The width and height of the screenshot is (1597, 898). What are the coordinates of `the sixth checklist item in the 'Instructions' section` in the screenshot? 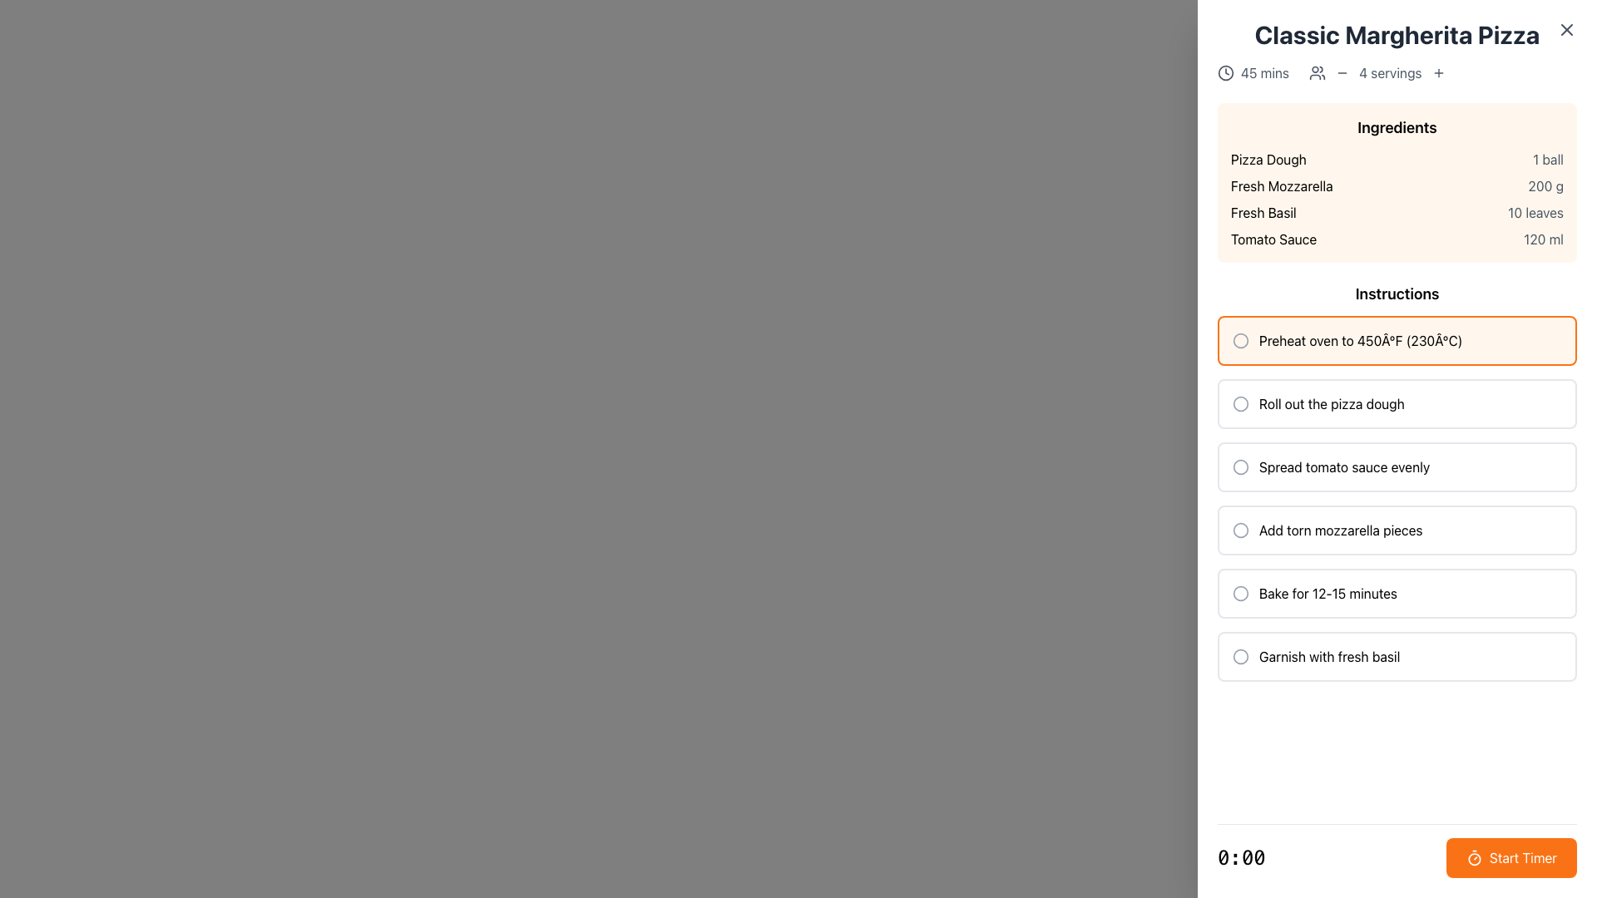 It's located at (1397, 656).